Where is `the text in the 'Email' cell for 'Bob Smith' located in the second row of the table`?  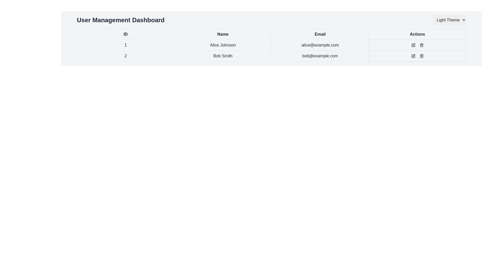
the text in the 'Email' cell for 'Bob Smith' located in the second row of the table is located at coordinates (271, 51).